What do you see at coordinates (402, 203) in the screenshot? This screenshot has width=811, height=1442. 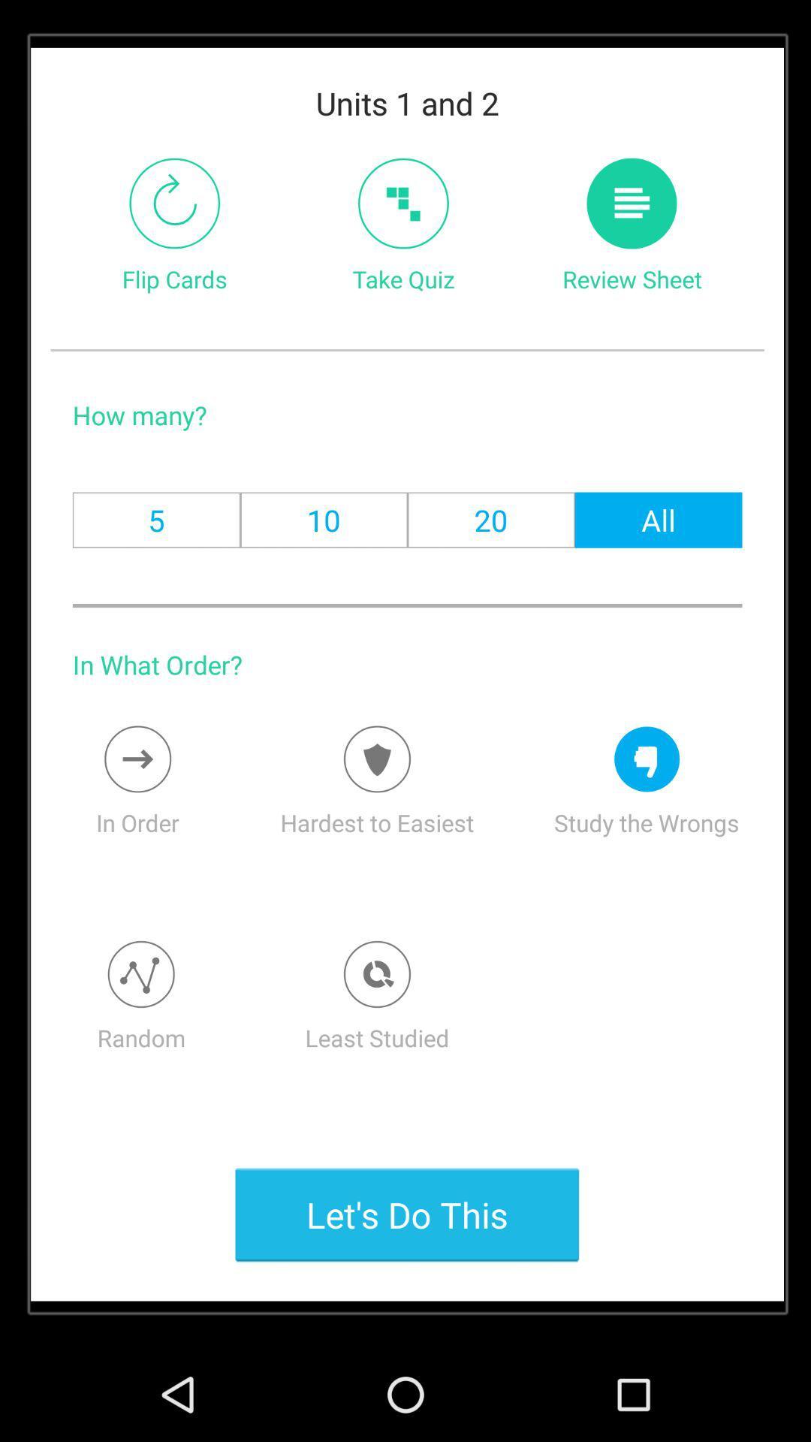 I see `take quiz` at bounding box center [402, 203].